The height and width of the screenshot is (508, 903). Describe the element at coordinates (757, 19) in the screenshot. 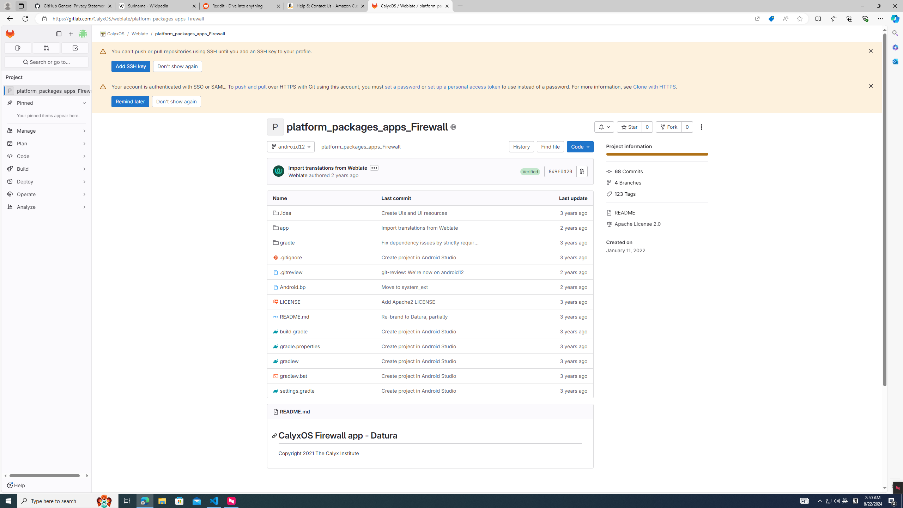

I see `'Open in app'` at that location.